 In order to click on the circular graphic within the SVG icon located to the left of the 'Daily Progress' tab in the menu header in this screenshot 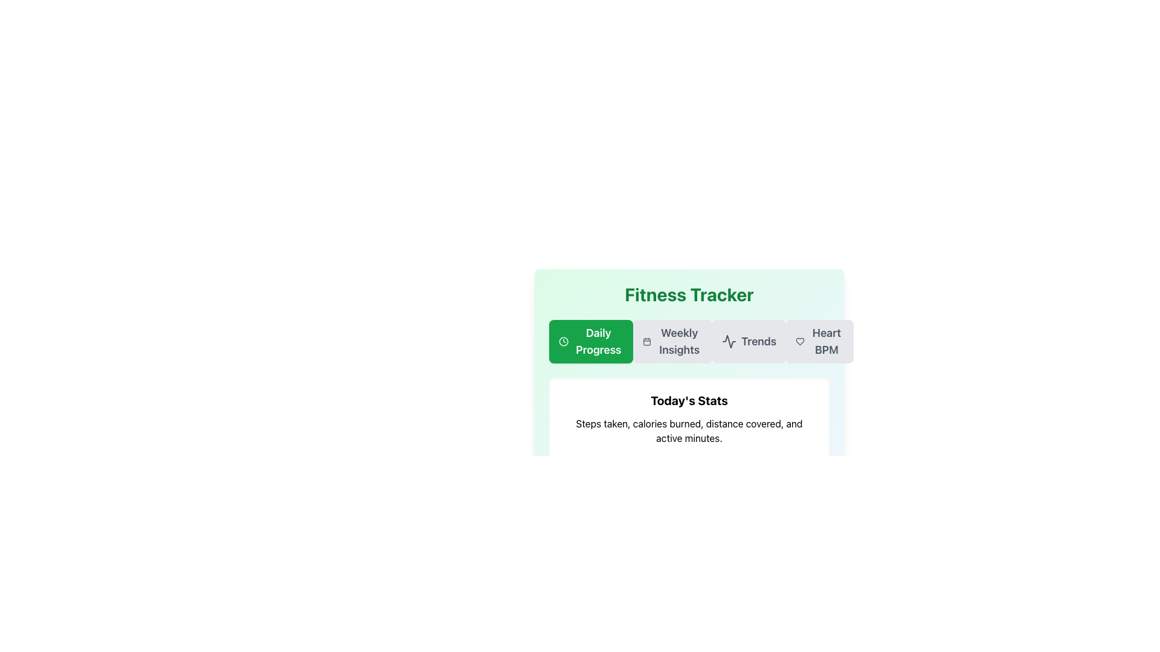, I will do `click(563, 342)`.